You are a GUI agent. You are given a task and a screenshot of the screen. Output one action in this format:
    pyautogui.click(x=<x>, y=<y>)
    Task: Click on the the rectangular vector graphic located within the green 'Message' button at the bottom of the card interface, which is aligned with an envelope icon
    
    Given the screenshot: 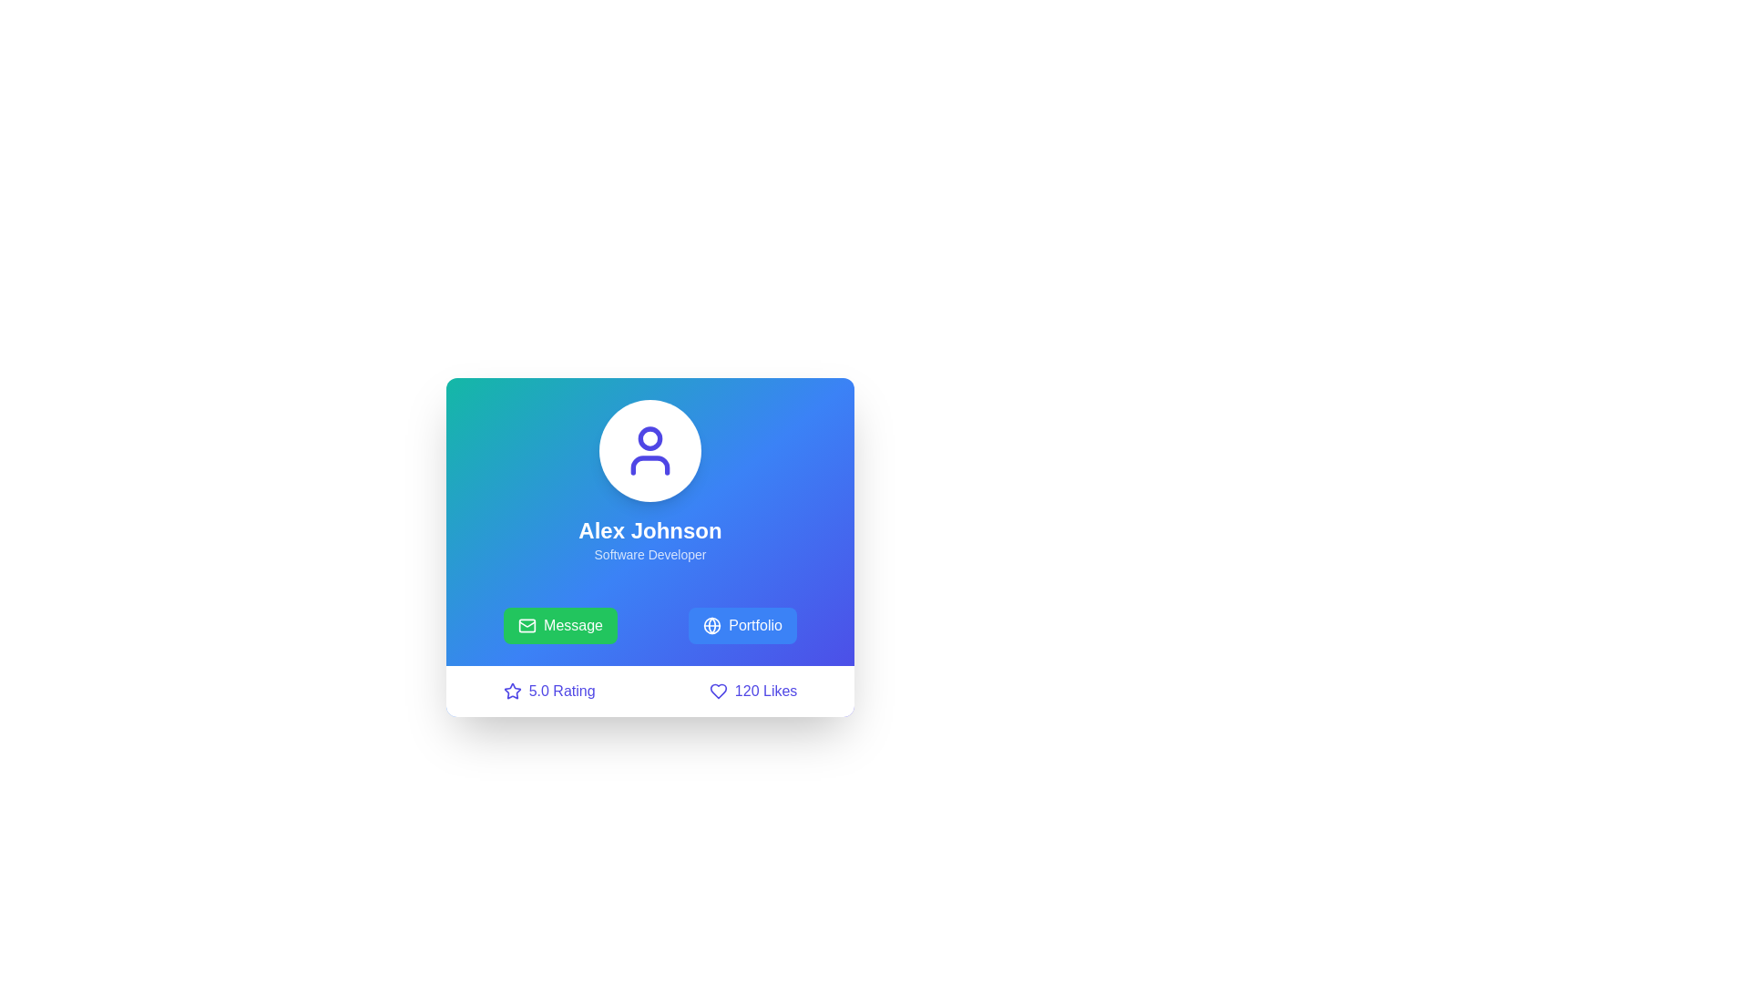 What is the action you would take?
    pyautogui.click(x=527, y=624)
    